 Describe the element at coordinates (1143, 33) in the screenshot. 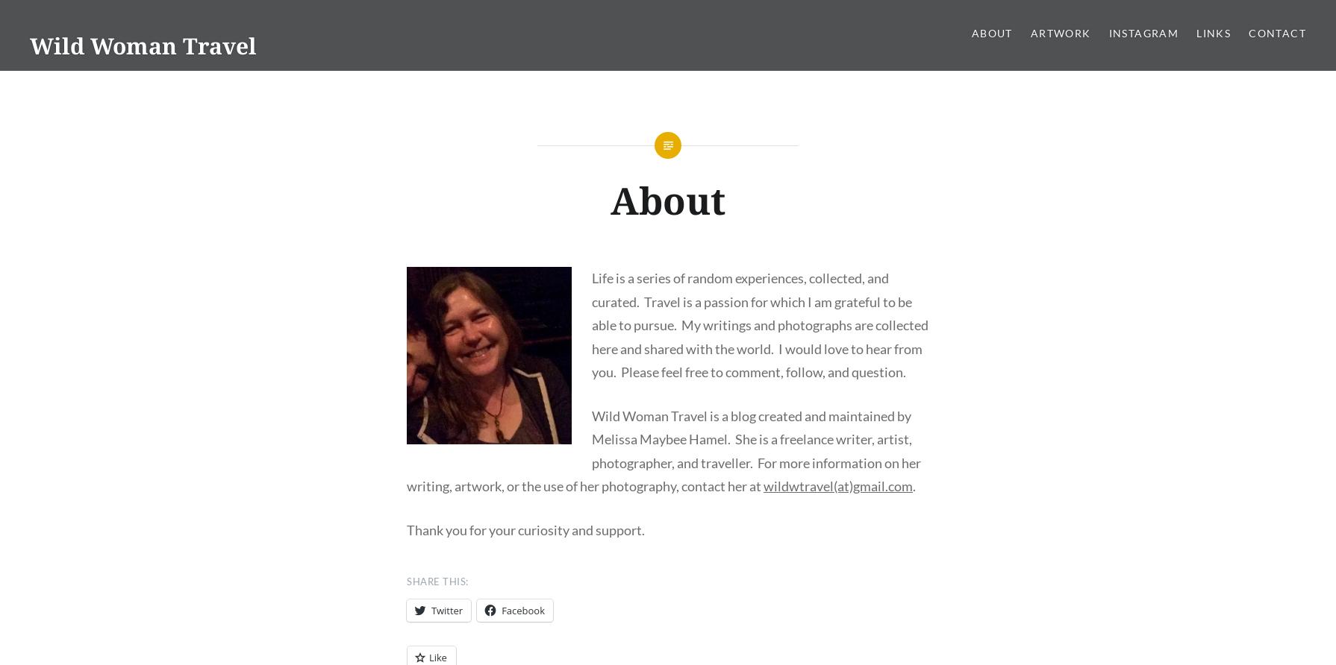

I see `'Instagram'` at that location.